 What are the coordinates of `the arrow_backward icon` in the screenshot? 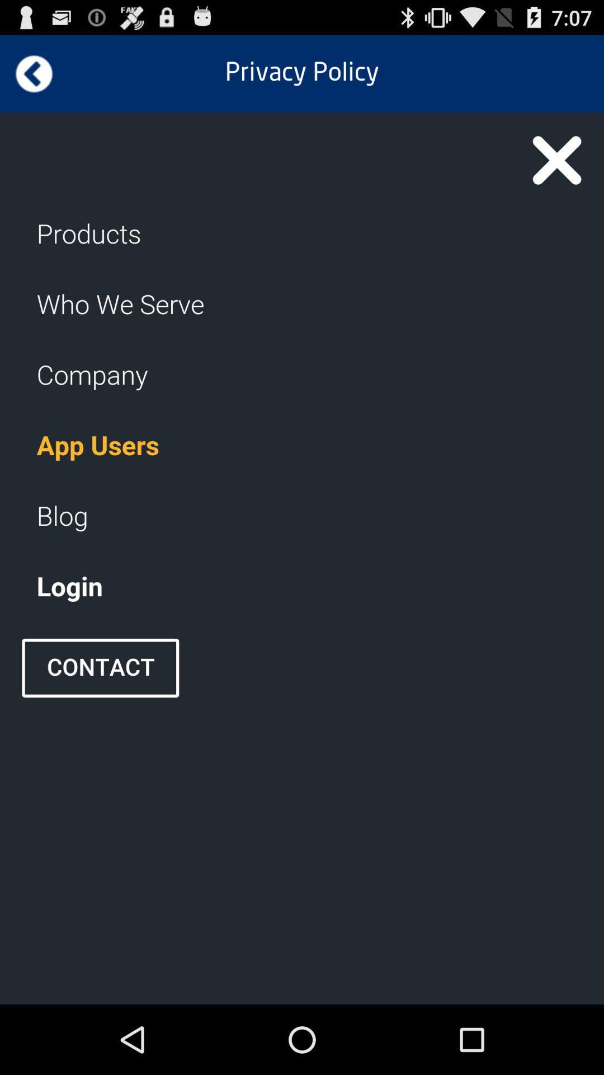 It's located at (34, 78).